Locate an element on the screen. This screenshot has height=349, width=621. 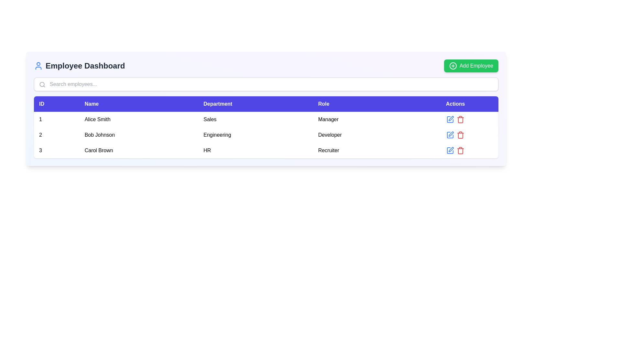
the user or profile icon located at the top-left area adjacent to the 'Employee Dashboard' text is located at coordinates (38, 66).